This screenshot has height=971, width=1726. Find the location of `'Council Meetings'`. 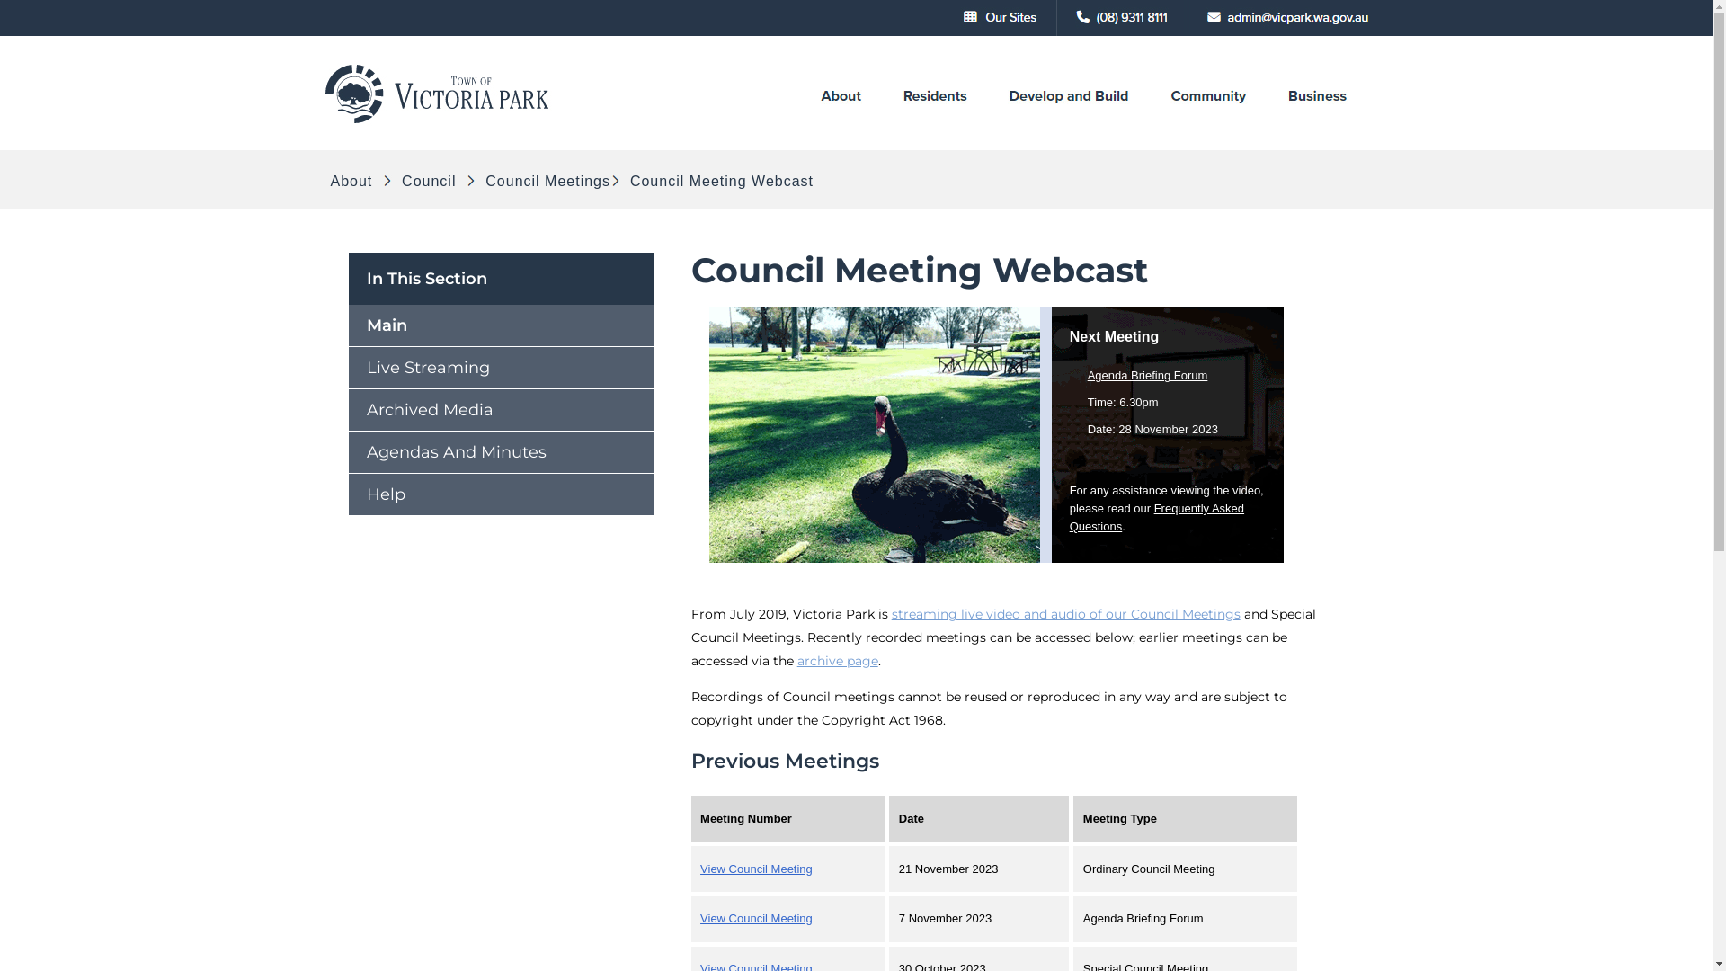

'Council Meetings' is located at coordinates (544, 181).